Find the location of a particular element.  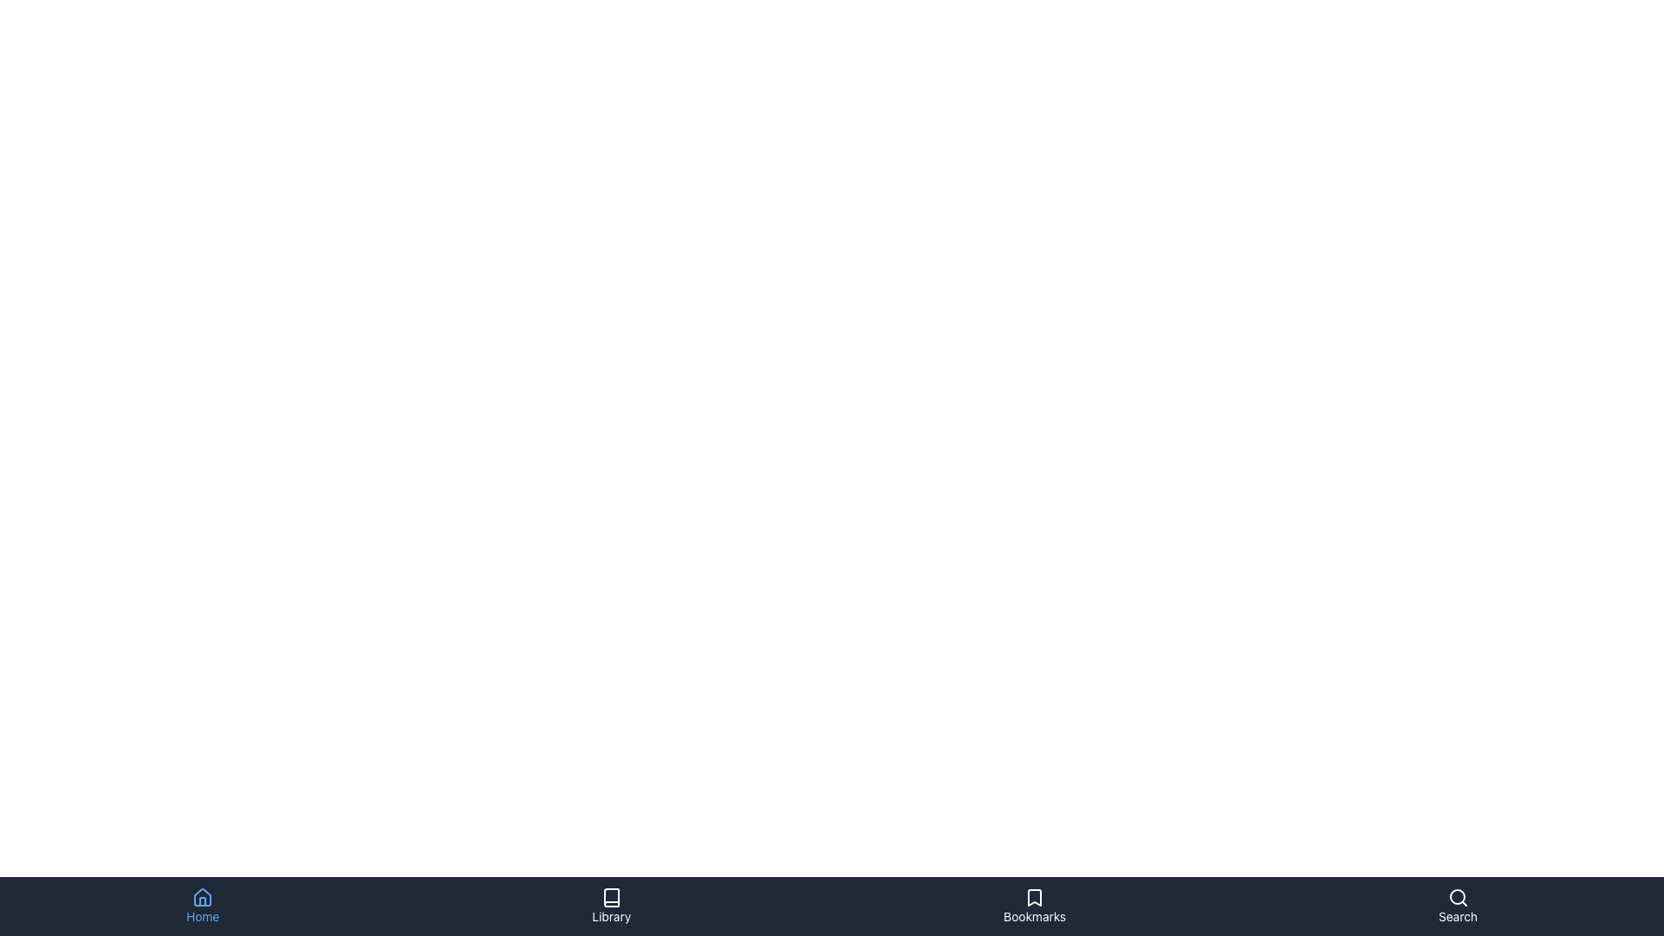

the Library icon in the bottom navigation bar of the application, which is located above the label 'Library' is located at coordinates (611, 897).